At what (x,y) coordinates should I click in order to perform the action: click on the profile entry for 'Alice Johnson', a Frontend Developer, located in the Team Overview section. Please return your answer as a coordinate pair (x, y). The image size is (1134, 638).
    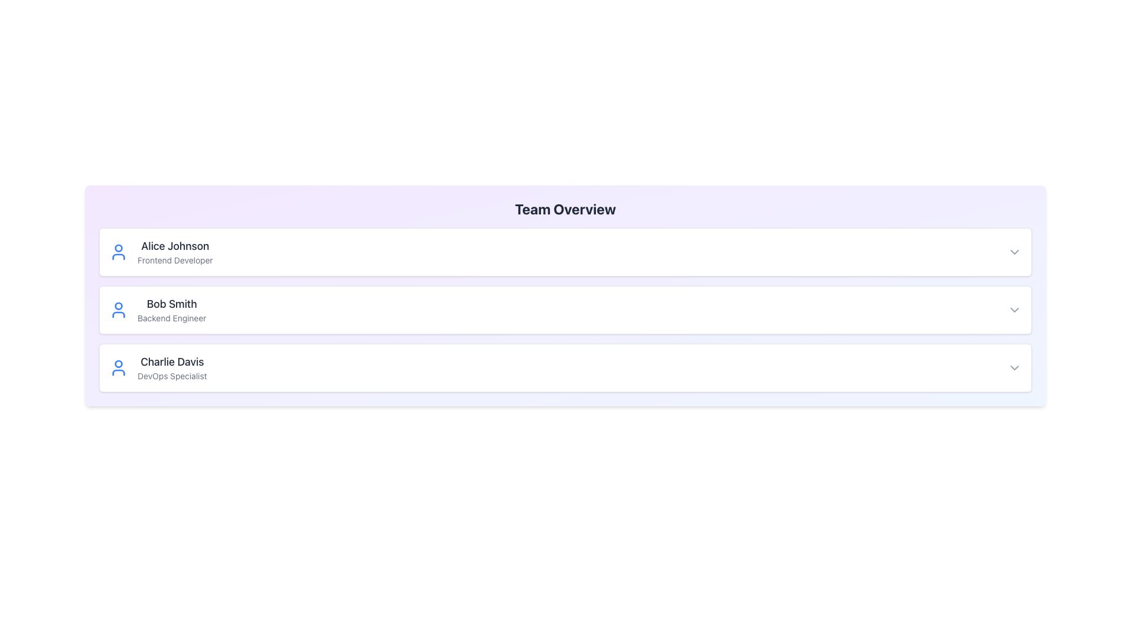
    Looking at the image, I should click on (160, 252).